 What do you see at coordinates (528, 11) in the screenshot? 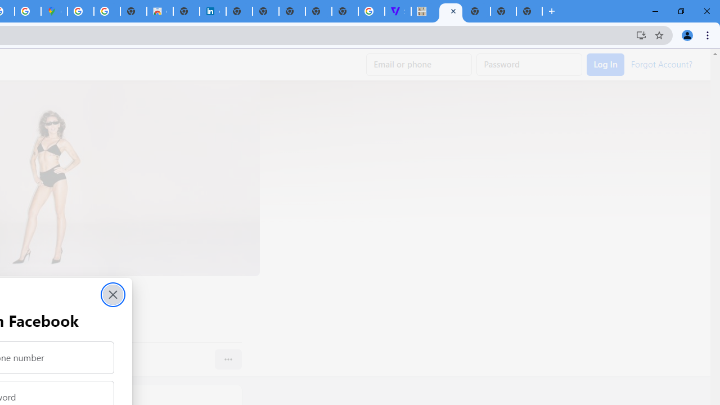
I see `'New Tab'` at bounding box center [528, 11].